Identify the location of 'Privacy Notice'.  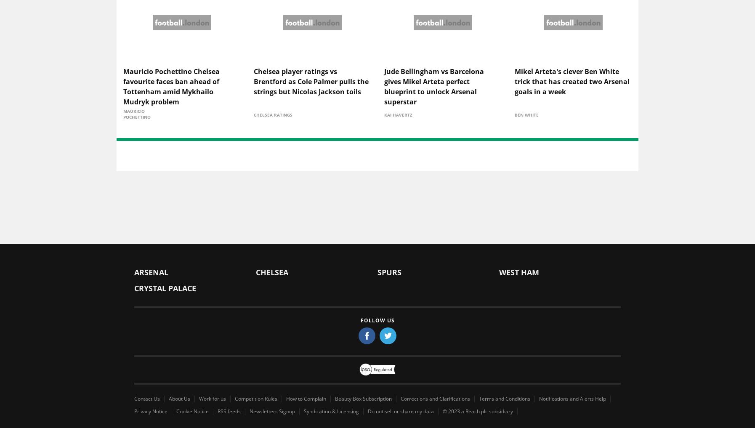
(150, 412).